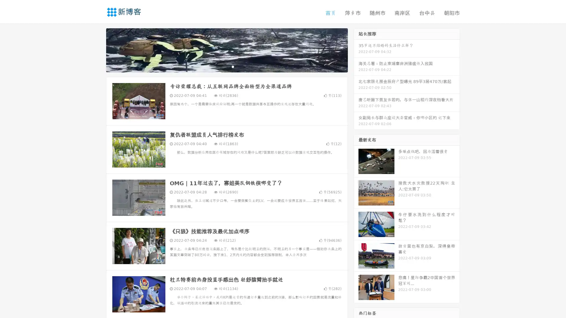 This screenshot has height=318, width=566. Describe the element at coordinates (356, 49) in the screenshot. I see `Next slide` at that location.